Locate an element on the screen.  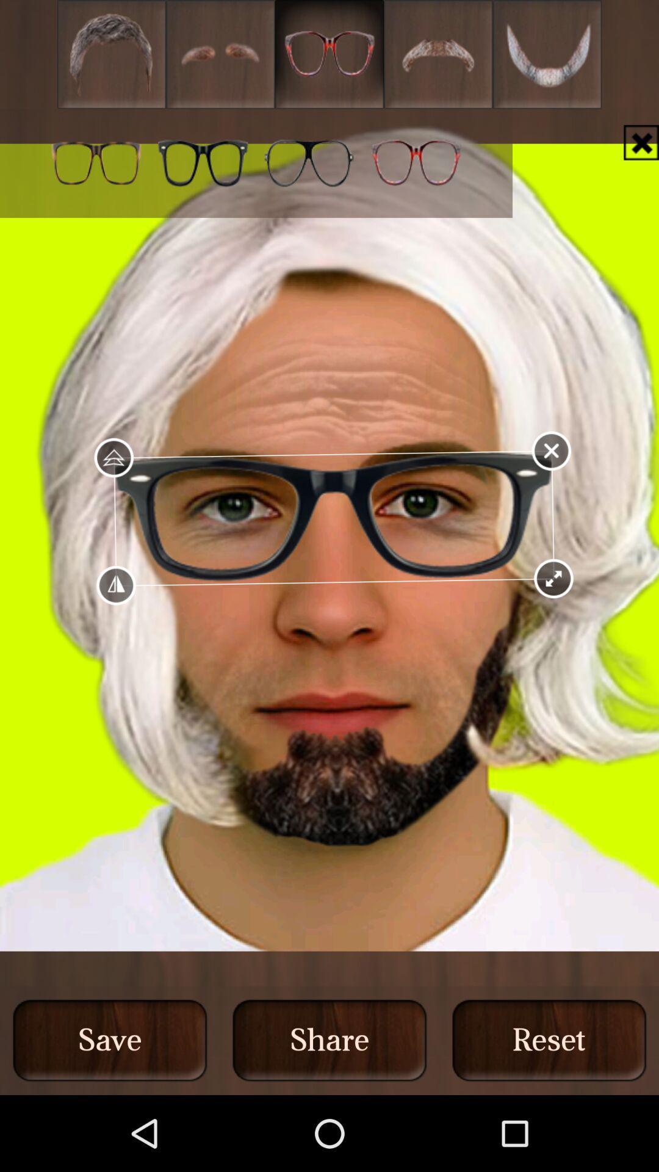
the middle button at the bottom of the page is located at coordinates (329, 1040).